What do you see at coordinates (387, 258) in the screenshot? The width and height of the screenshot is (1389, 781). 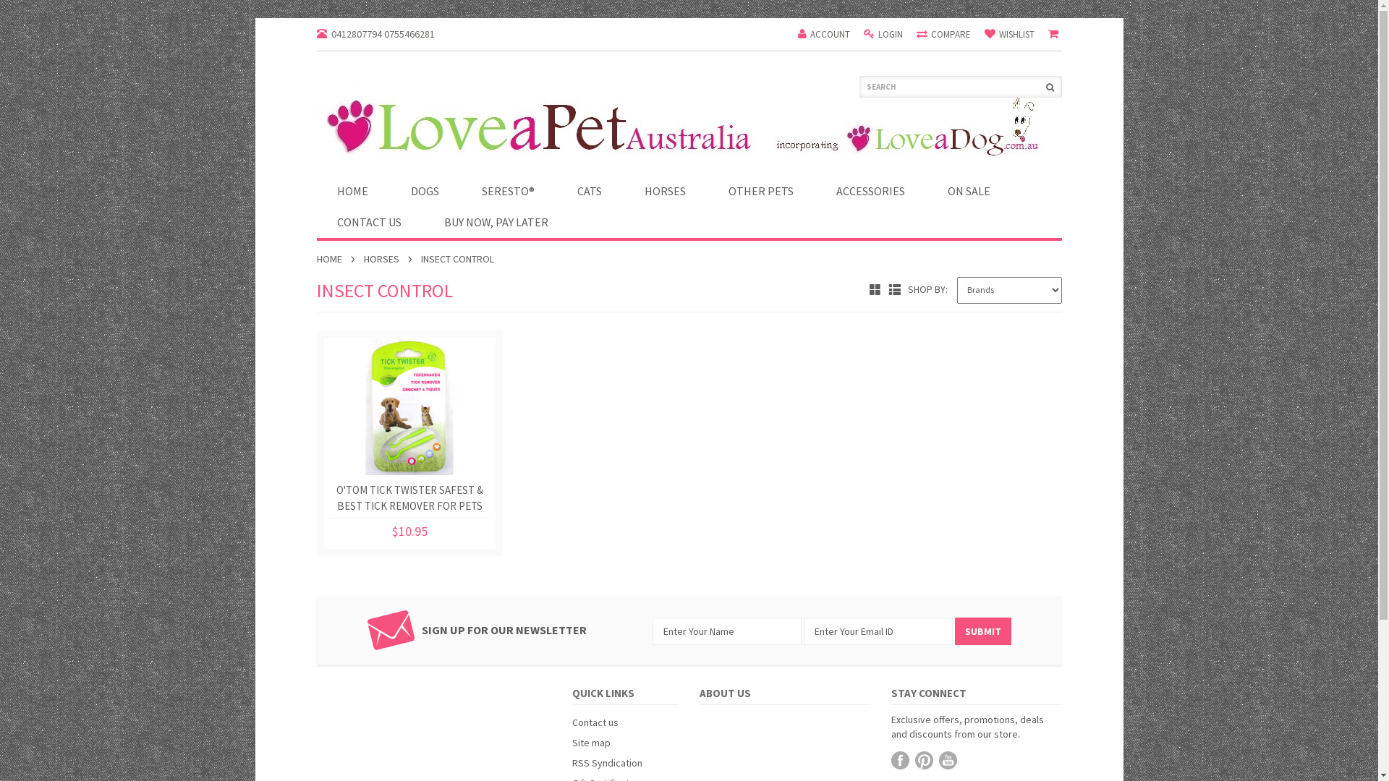 I see `'HORSES'` at bounding box center [387, 258].